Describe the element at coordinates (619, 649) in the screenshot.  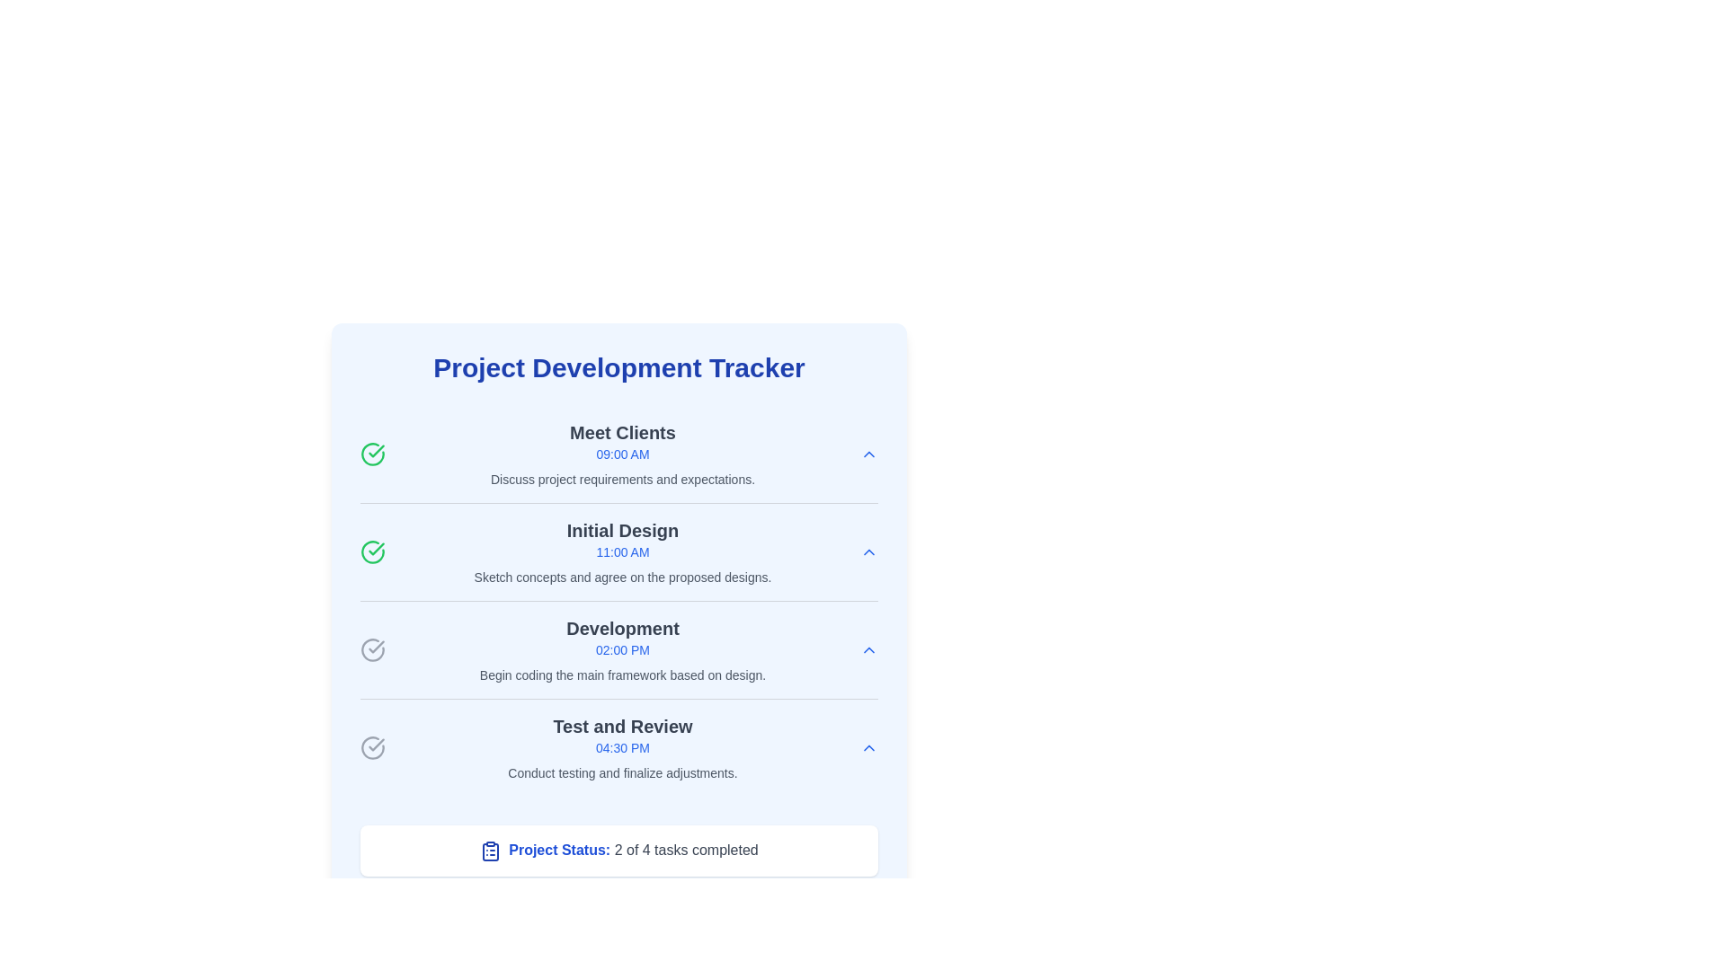
I see `the third task item in the project tracker interface, which displays task details and status through an icon` at that location.